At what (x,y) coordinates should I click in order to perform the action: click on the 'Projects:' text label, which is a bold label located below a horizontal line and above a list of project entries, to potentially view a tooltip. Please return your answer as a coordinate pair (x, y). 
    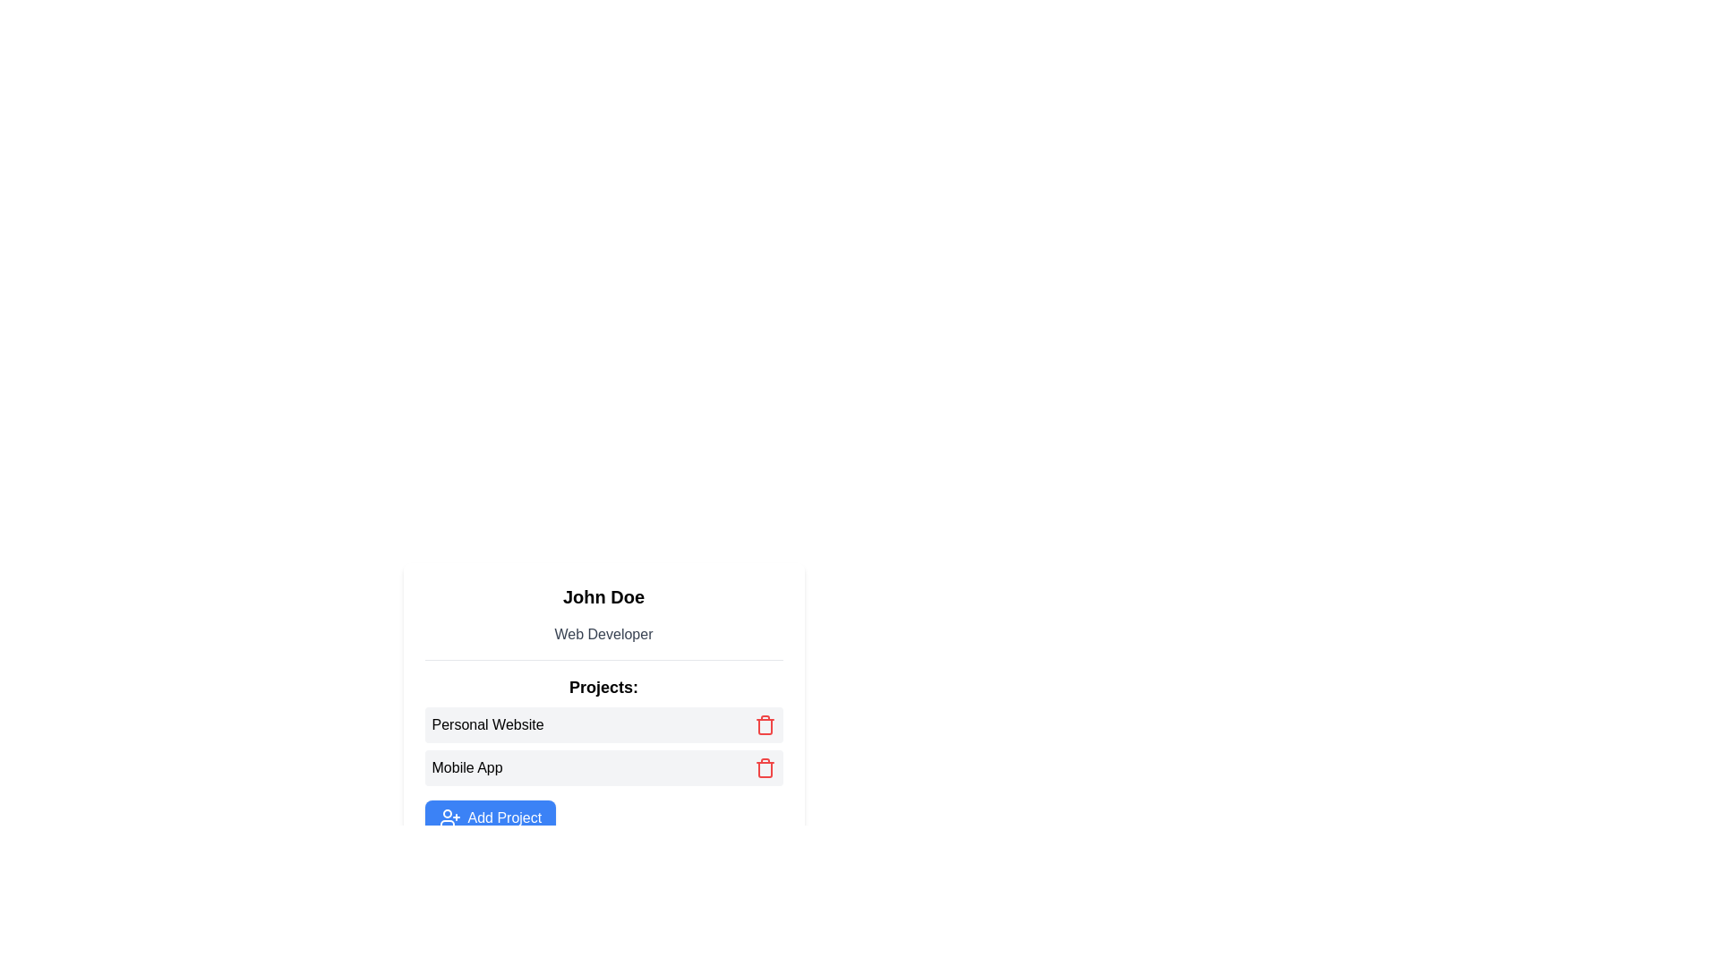
    Looking at the image, I should click on (603, 686).